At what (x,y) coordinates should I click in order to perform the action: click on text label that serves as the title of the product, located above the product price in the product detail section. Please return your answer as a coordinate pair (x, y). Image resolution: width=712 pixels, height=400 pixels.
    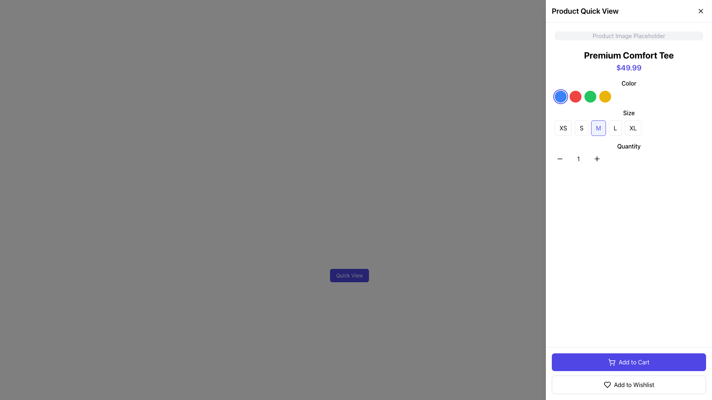
    Looking at the image, I should click on (628, 55).